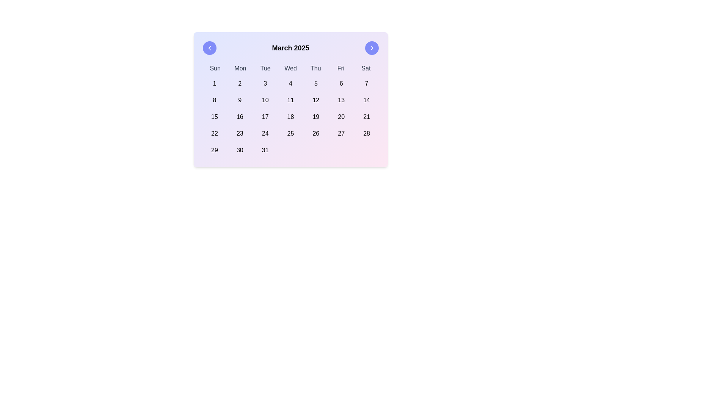 Image resolution: width=728 pixels, height=409 pixels. I want to click on the button representing the 26th day of March 2025 in the calendar grid, so click(316, 133).